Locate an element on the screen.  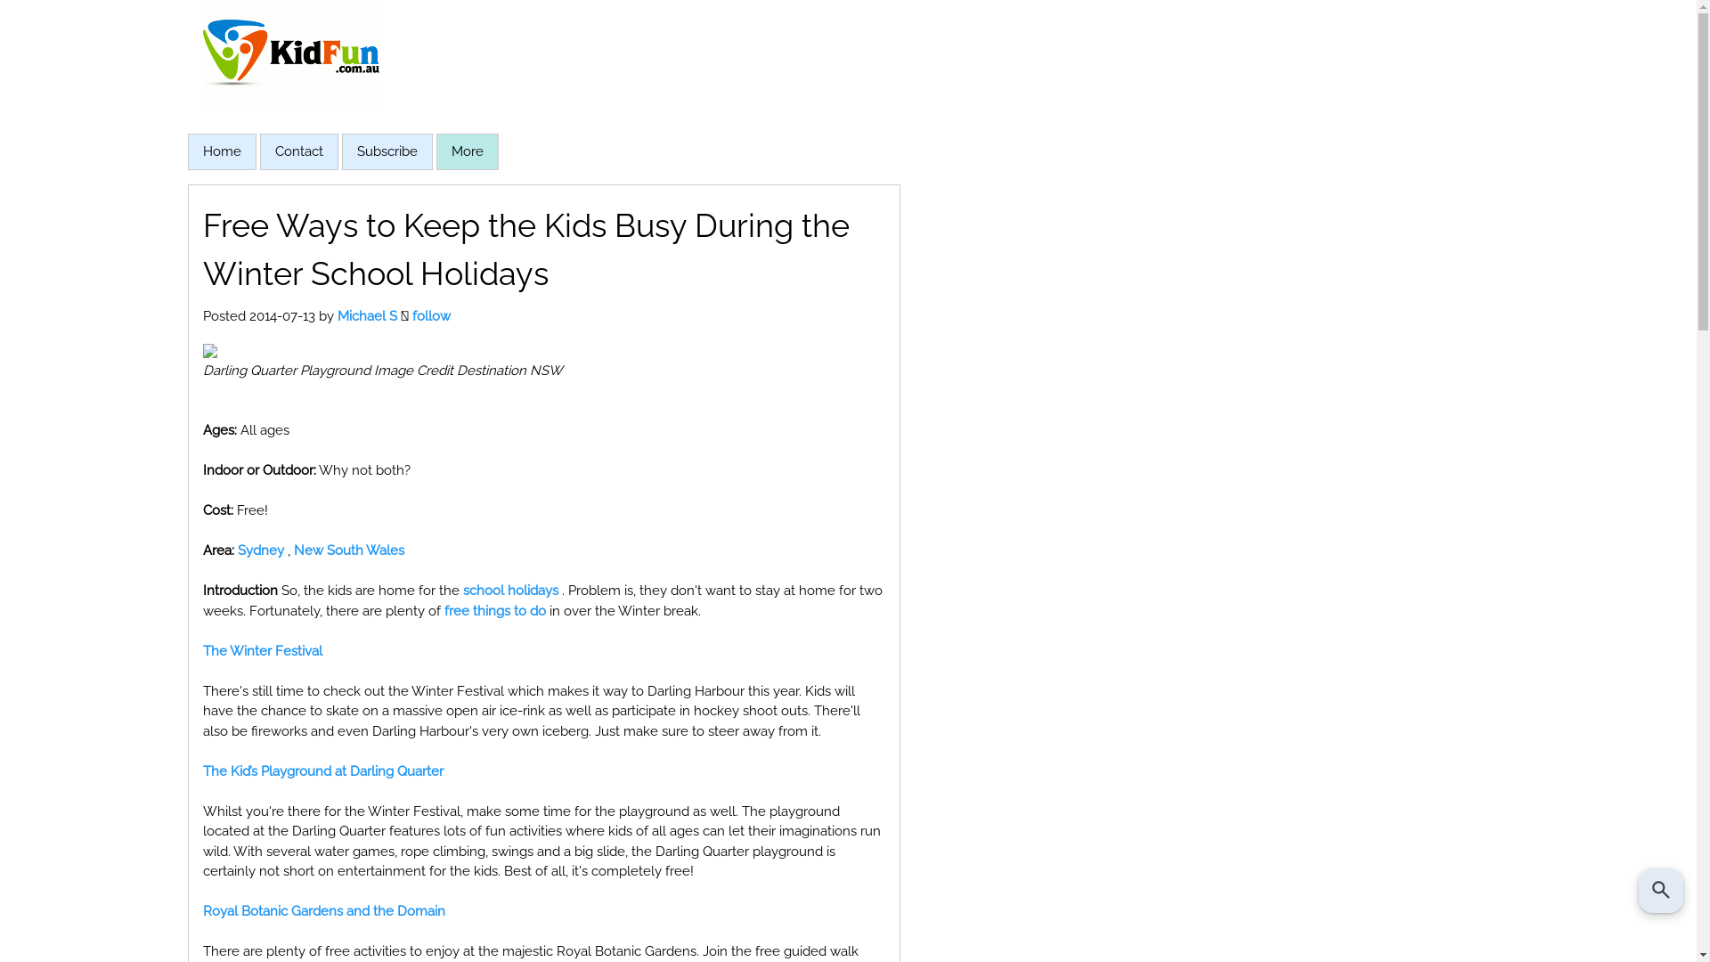
'follow' is located at coordinates (430, 314).